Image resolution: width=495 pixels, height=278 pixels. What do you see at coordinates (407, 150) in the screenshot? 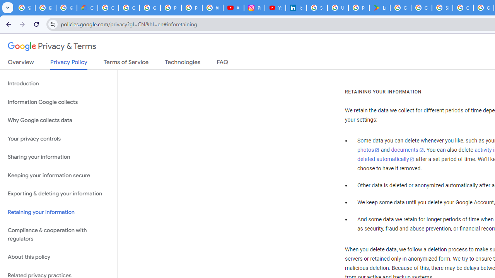
I see `'documents'` at bounding box center [407, 150].